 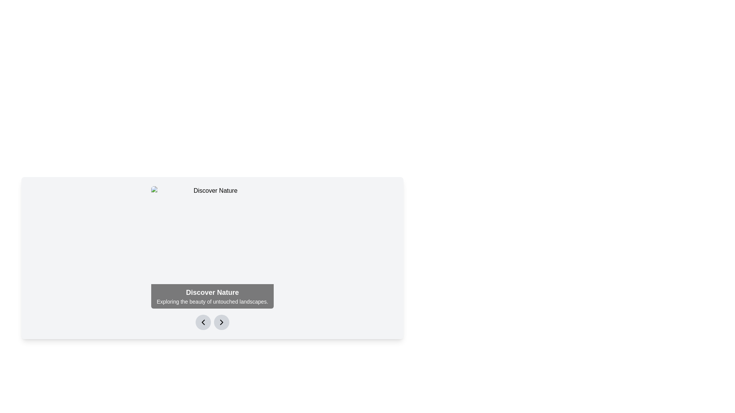 I want to click on the right-pointing chevron arrow icon within the circular button at the bottom of the interface to activate any hover effects, so click(x=221, y=322).